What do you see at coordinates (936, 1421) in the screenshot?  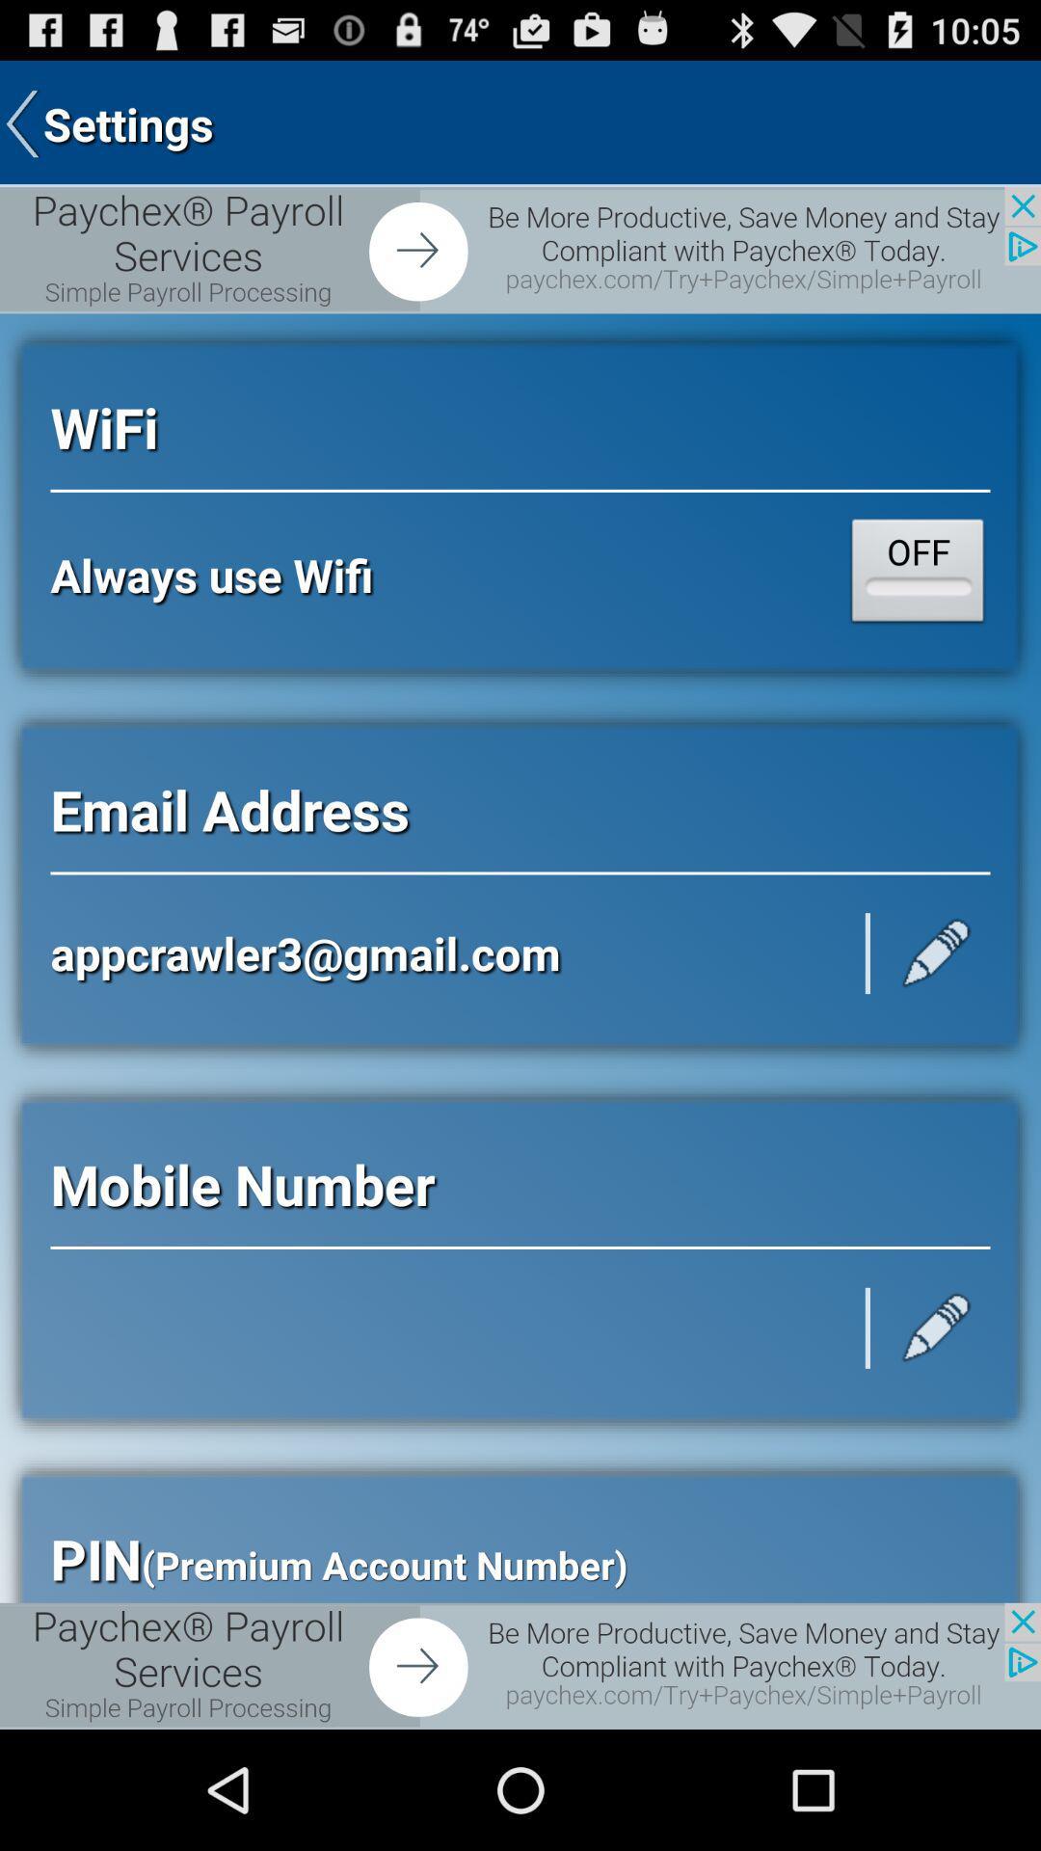 I see `the edit icon` at bounding box center [936, 1421].